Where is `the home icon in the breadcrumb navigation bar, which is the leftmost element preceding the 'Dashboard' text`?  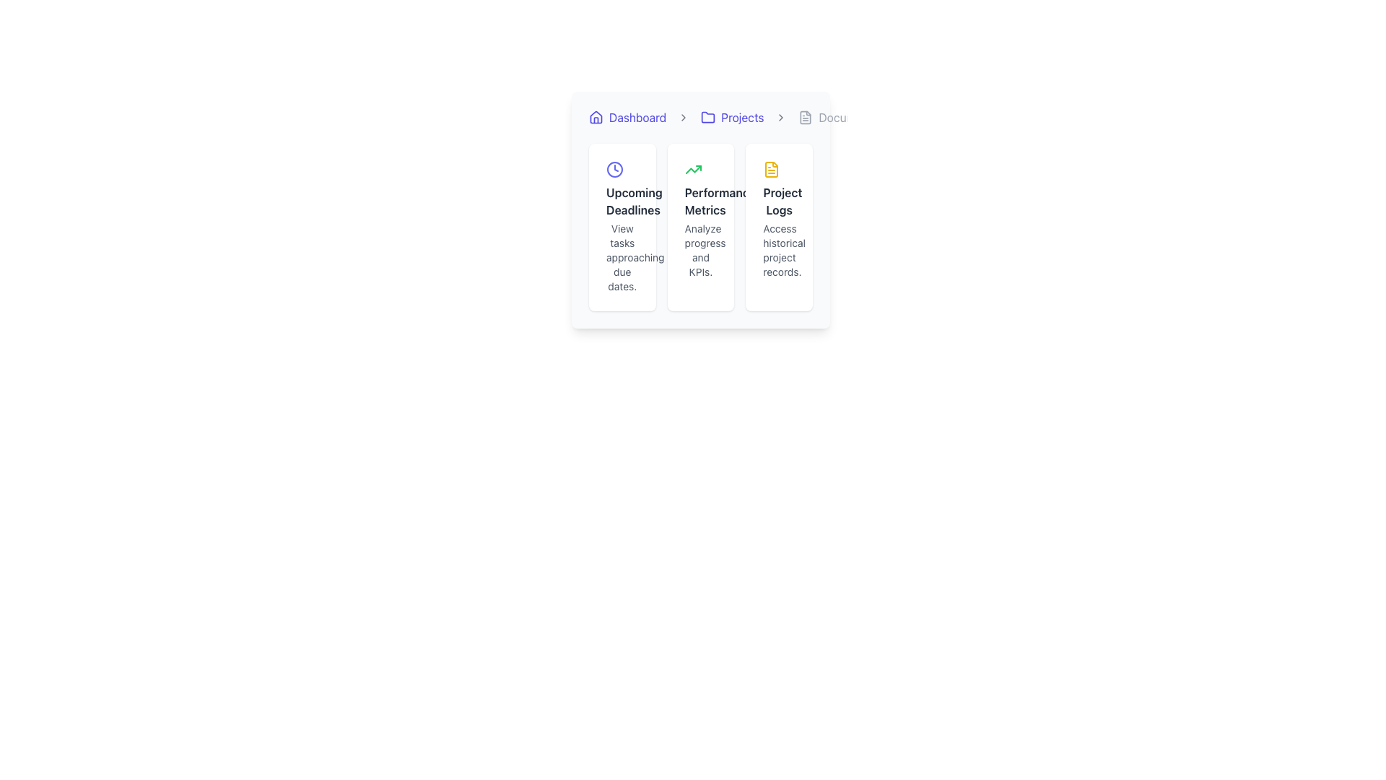
the home icon in the breadcrumb navigation bar, which is the leftmost element preceding the 'Dashboard' text is located at coordinates (596, 116).